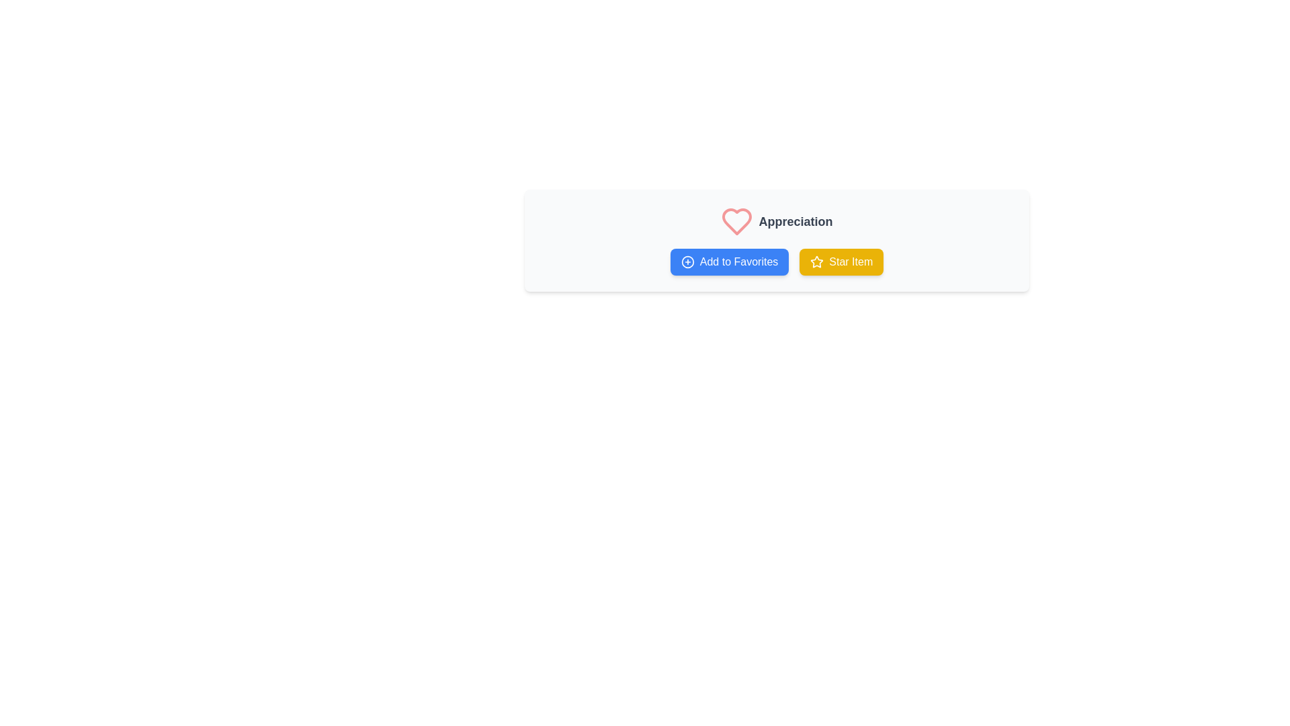  What do you see at coordinates (850, 261) in the screenshot?
I see `text of the 'Star Item' feature button, which is positioned to the right of the blue 'Add to Favorites' button and adjacent to a star icon` at bounding box center [850, 261].